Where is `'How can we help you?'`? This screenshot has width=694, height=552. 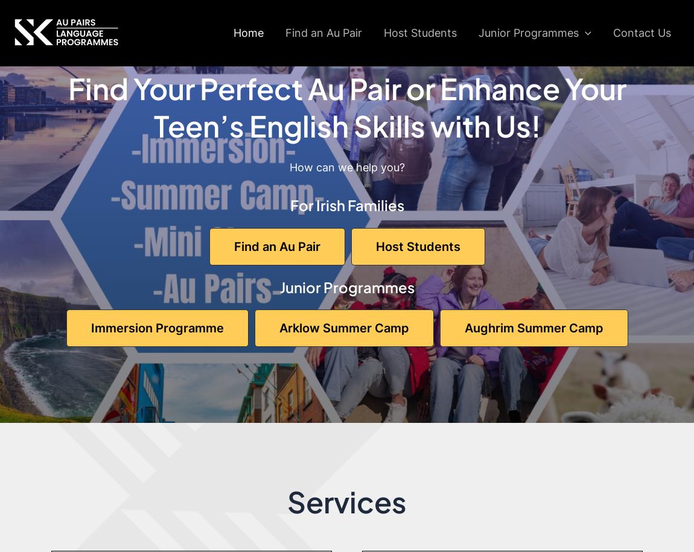
'How can we help you?' is located at coordinates (346, 166).